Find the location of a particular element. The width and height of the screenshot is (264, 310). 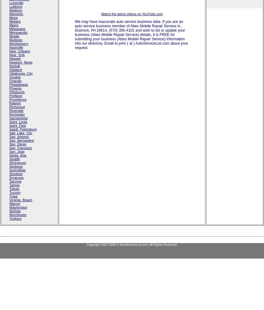

'Santa_Ana' is located at coordinates (18, 155).